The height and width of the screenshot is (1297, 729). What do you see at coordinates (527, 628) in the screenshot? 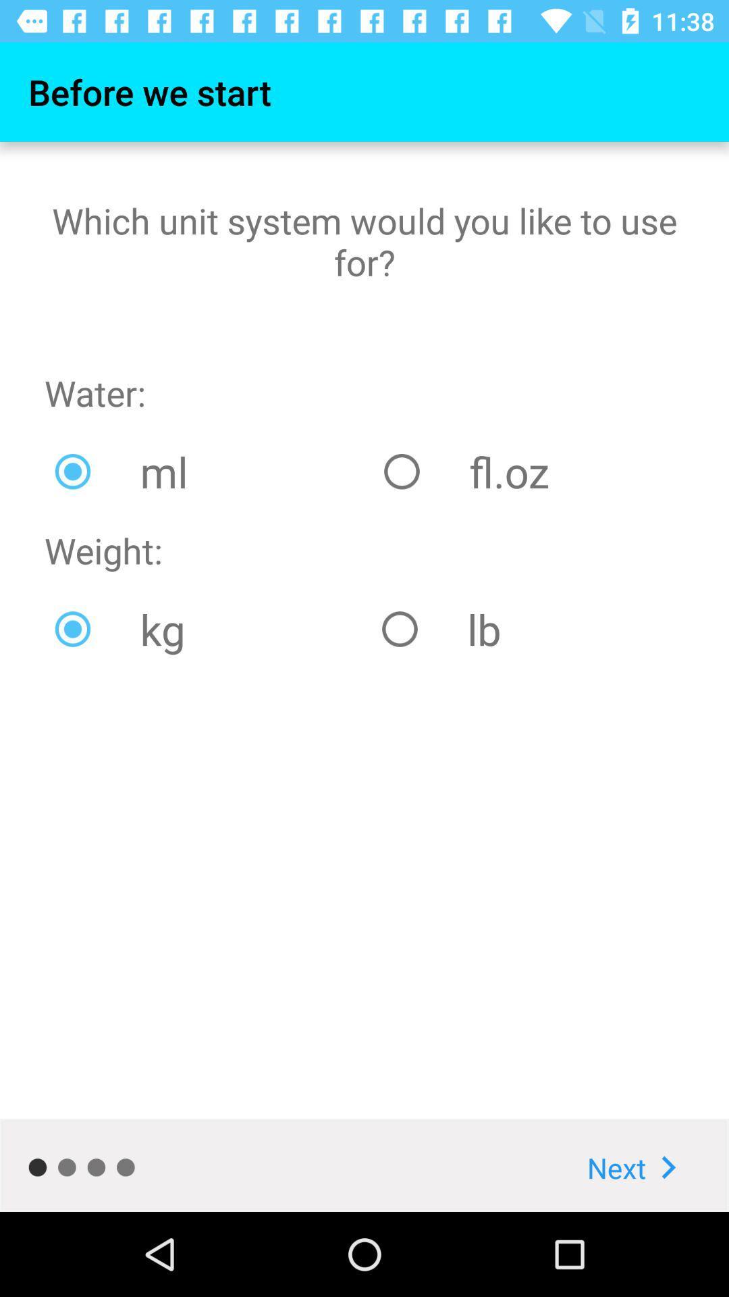
I see `lb item` at bounding box center [527, 628].